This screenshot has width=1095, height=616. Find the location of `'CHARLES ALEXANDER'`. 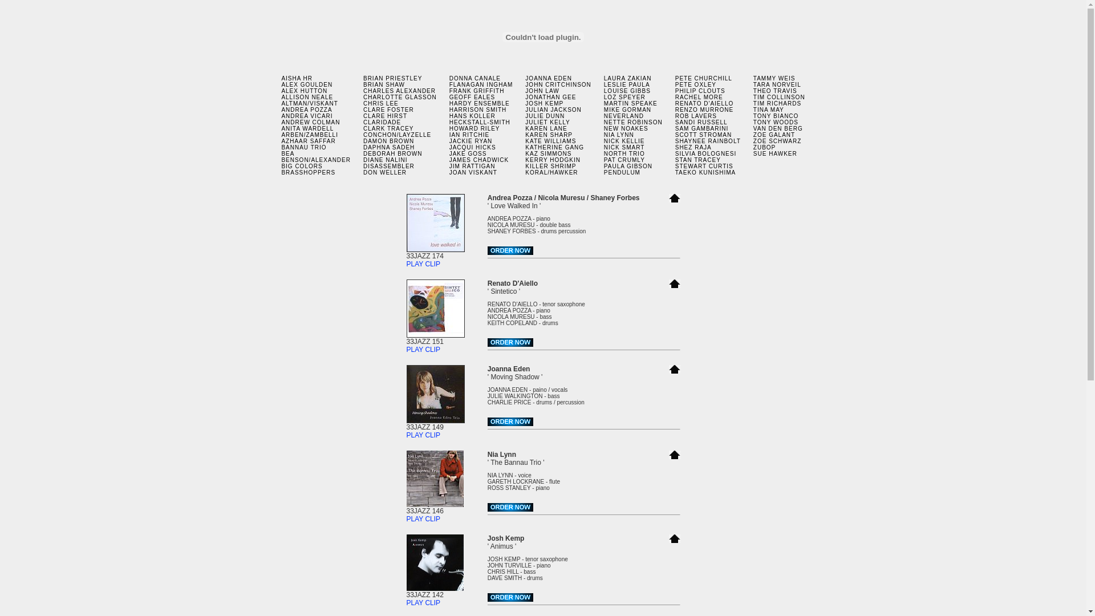

'CHARLES ALEXANDER' is located at coordinates (399, 90).